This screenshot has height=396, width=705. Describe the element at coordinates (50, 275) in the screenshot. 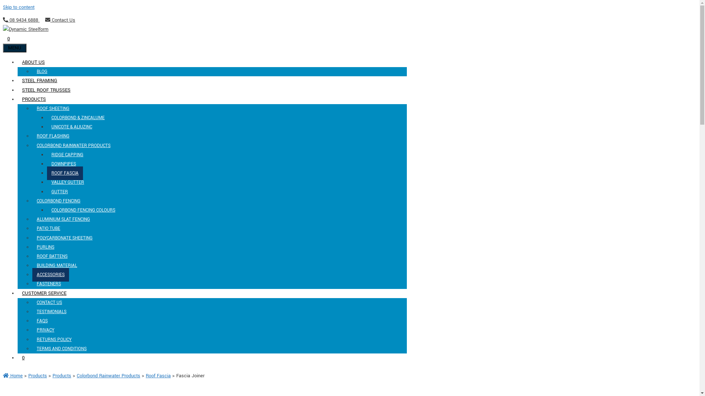

I see `'ACCESSORIES'` at that location.